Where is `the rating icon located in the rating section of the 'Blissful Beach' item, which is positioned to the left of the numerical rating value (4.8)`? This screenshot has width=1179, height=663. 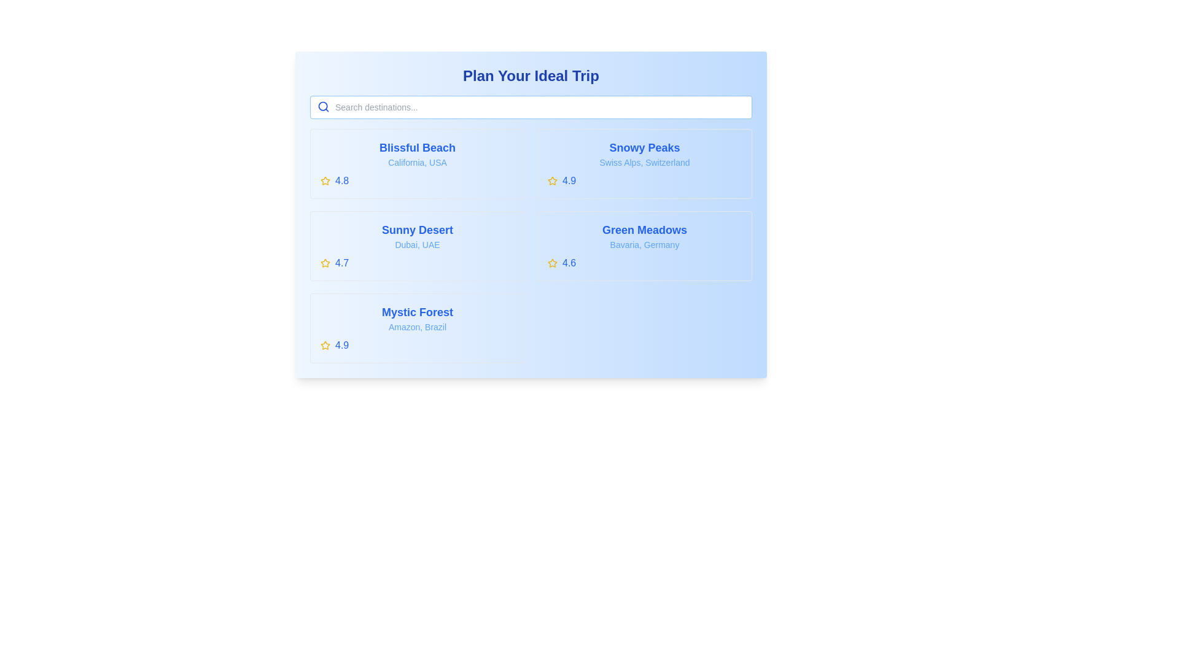
the rating icon located in the rating section of the 'Blissful Beach' item, which is positioned to the left of the numerical rating value (4.8) is located at coordinates (325, 345).